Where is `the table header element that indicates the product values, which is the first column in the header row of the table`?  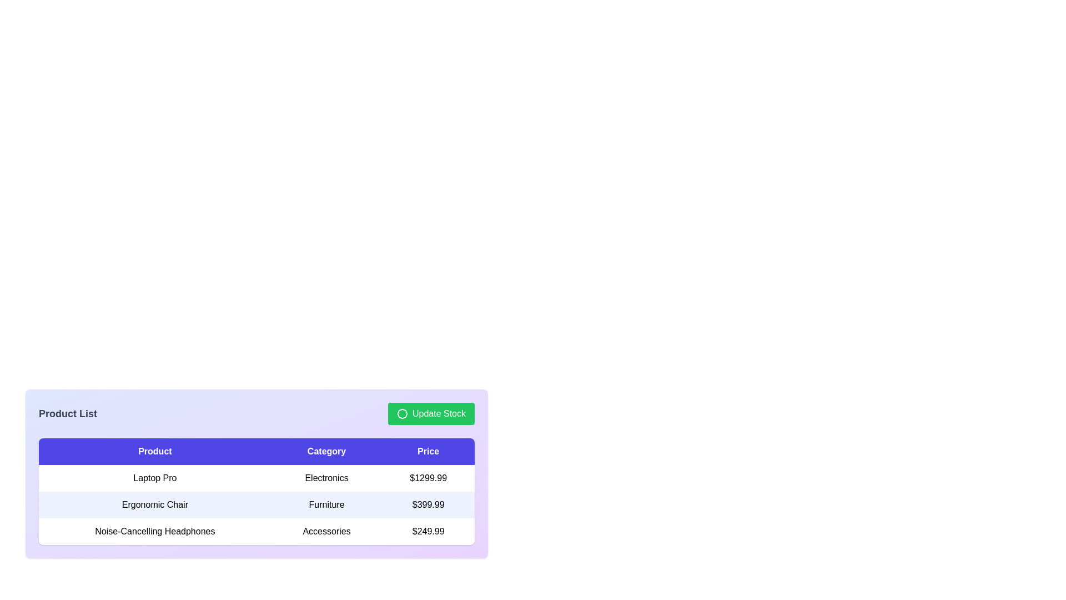 the table header element that indicates the product values, which is the first column in the header row of the table is located at coordinates (154, 452).